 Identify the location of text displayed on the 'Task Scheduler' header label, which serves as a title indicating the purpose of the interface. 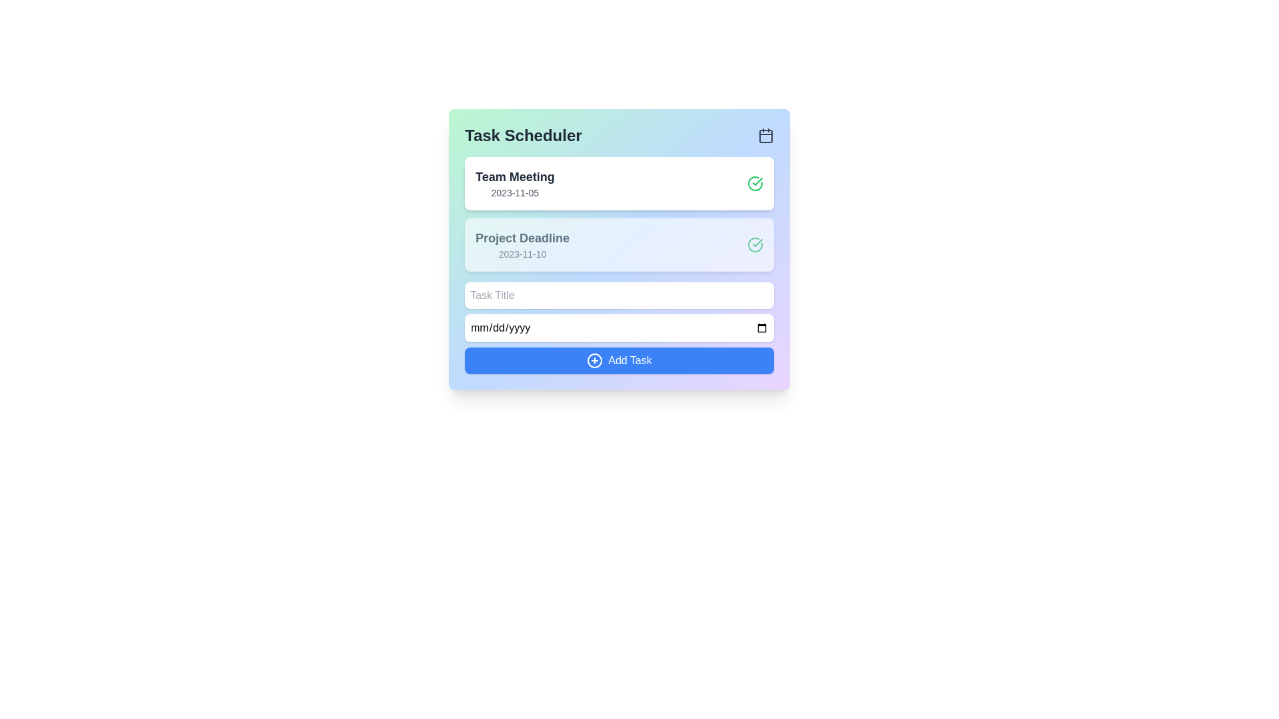
(522, 136).